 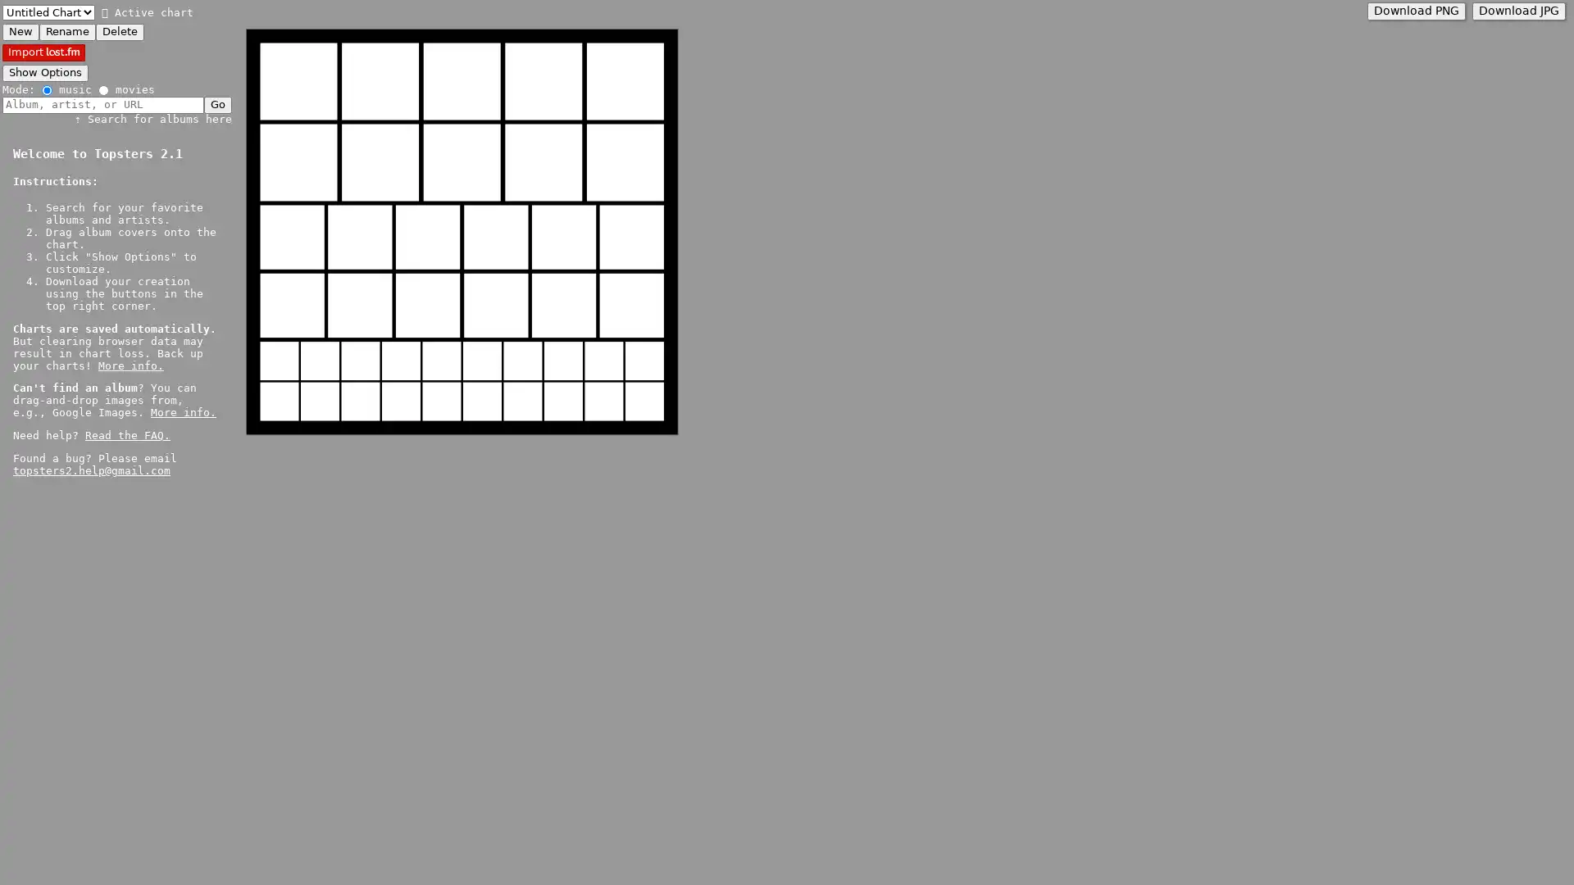 What do you see at coordinates (20, 31) in the screenshot?
I see `New` at bounding box center [20, 31].